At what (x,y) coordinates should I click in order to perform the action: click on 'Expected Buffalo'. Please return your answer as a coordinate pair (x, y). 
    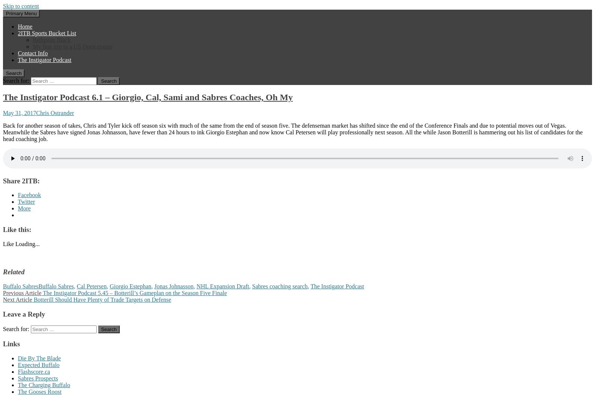
    Looking at the image, I should click on (38, 365).